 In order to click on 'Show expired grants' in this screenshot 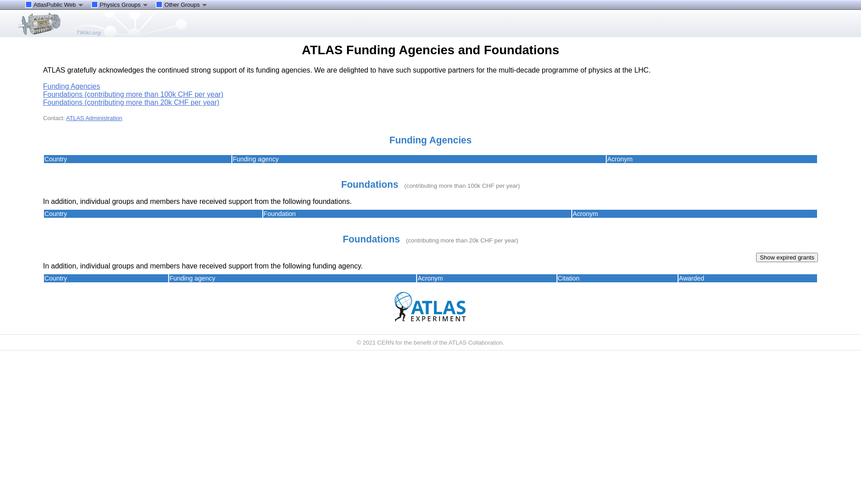, I will do `click(787, 257)`.